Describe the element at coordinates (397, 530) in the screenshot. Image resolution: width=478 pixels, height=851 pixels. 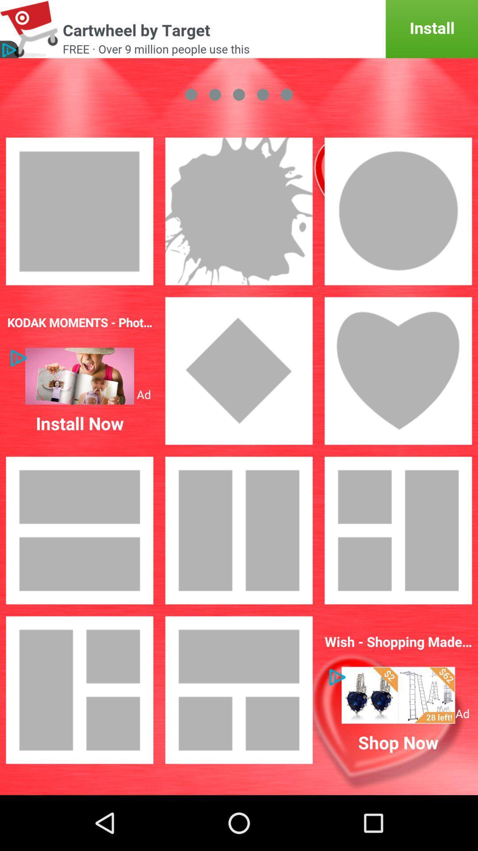
I see `click image` at that location.